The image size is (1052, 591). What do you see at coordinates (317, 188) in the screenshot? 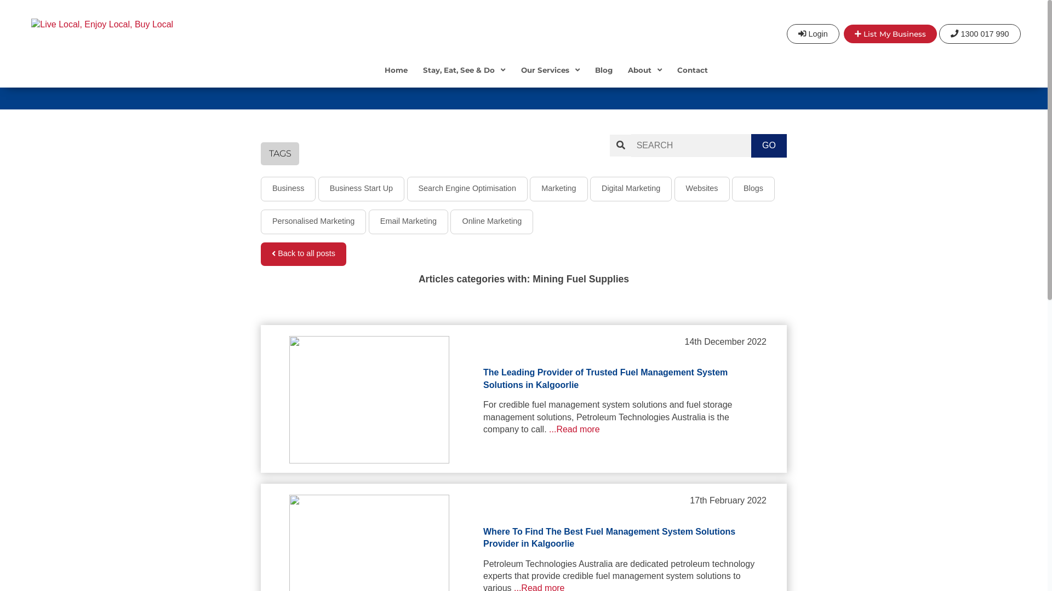
I see `'Business Start Up'` at bounding box center [317, 188].